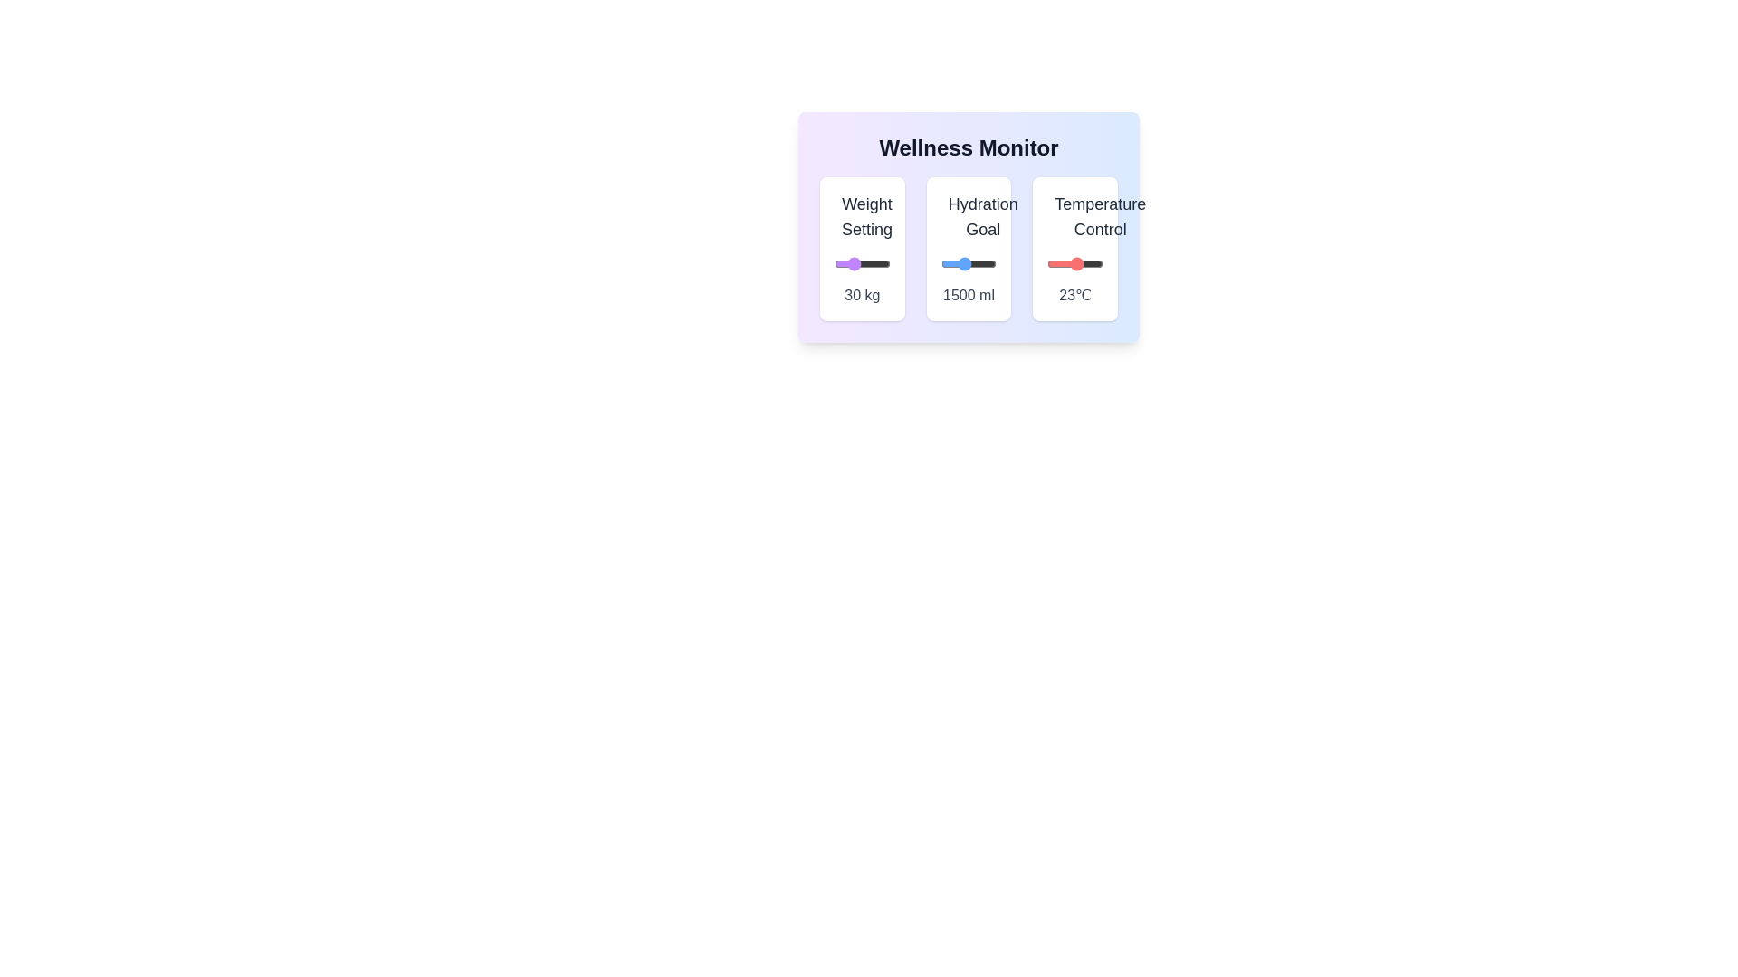  What do you see at coordinates (845, 264) in the screenshot?
I see `the weight setting` at bounding box center [845, 264].